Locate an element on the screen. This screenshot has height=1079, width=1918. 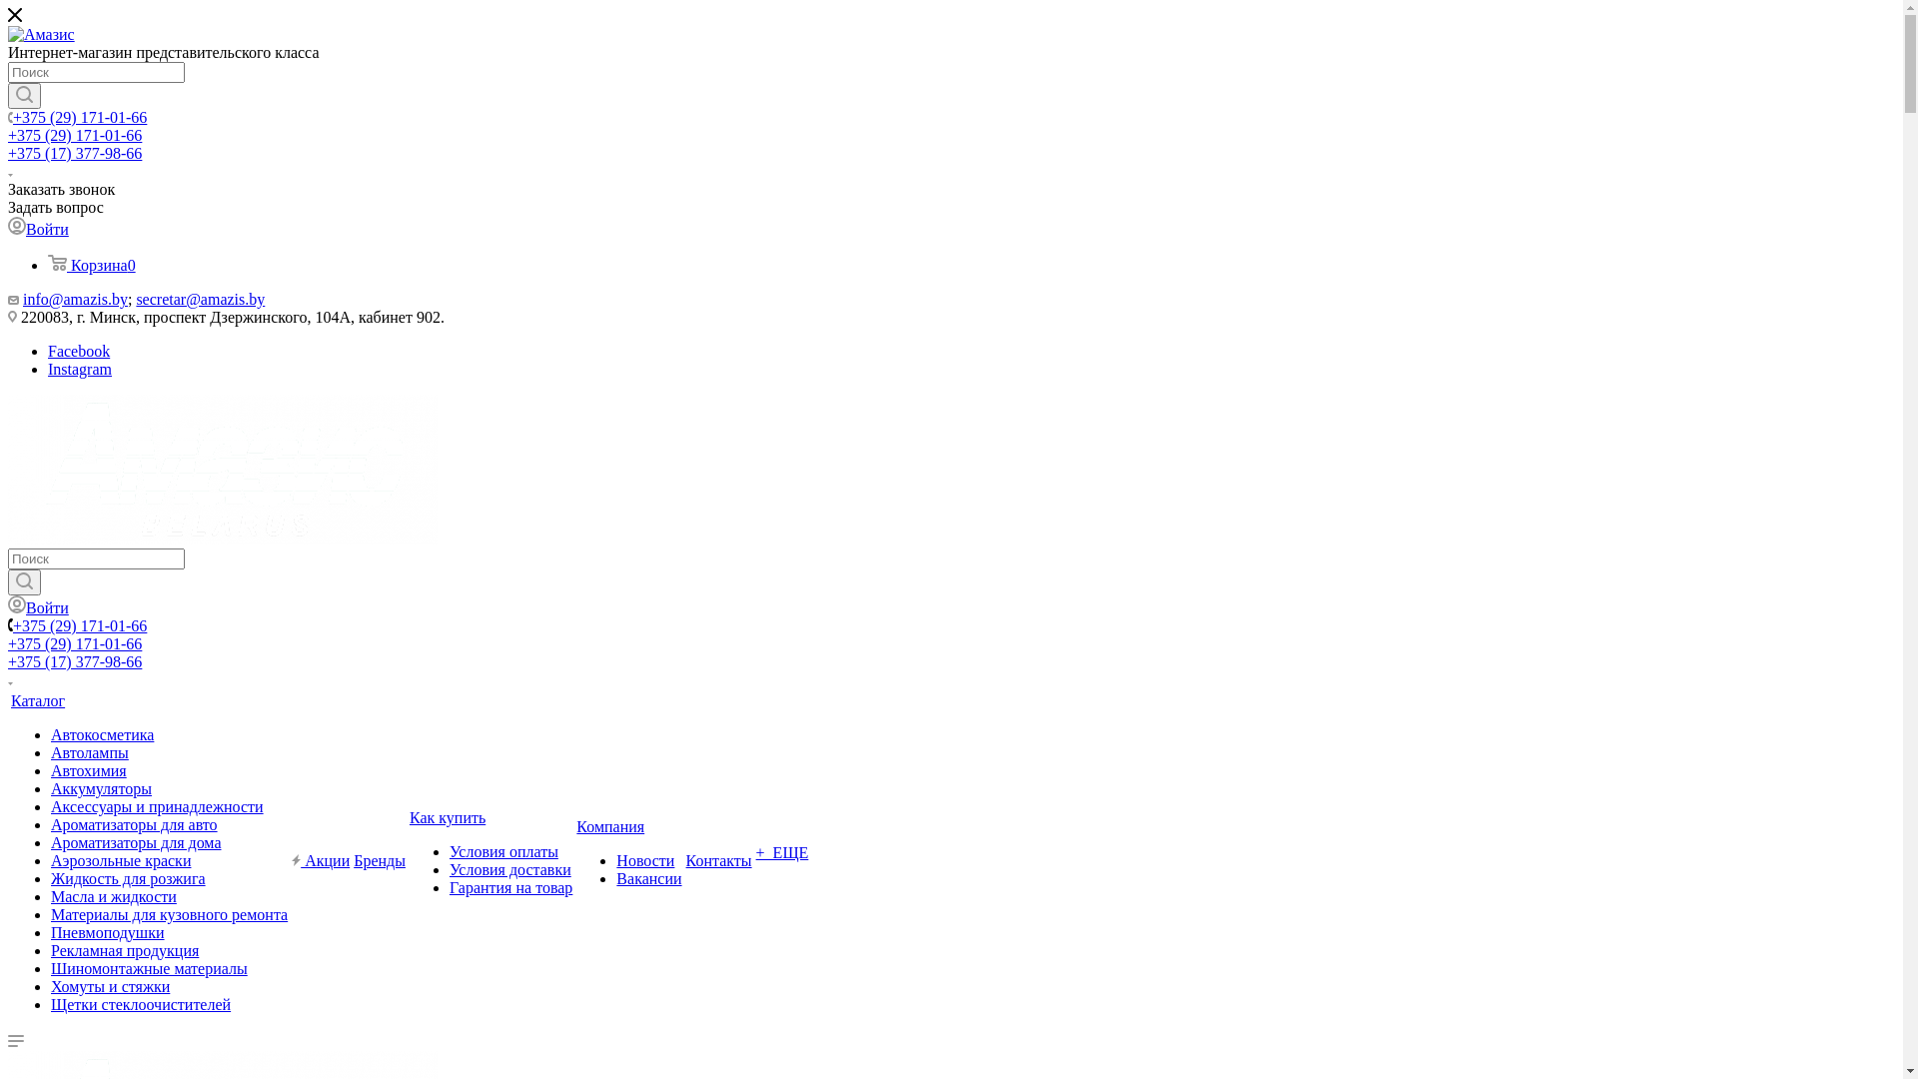
'Facebook' is located at coordinates (78, 350).